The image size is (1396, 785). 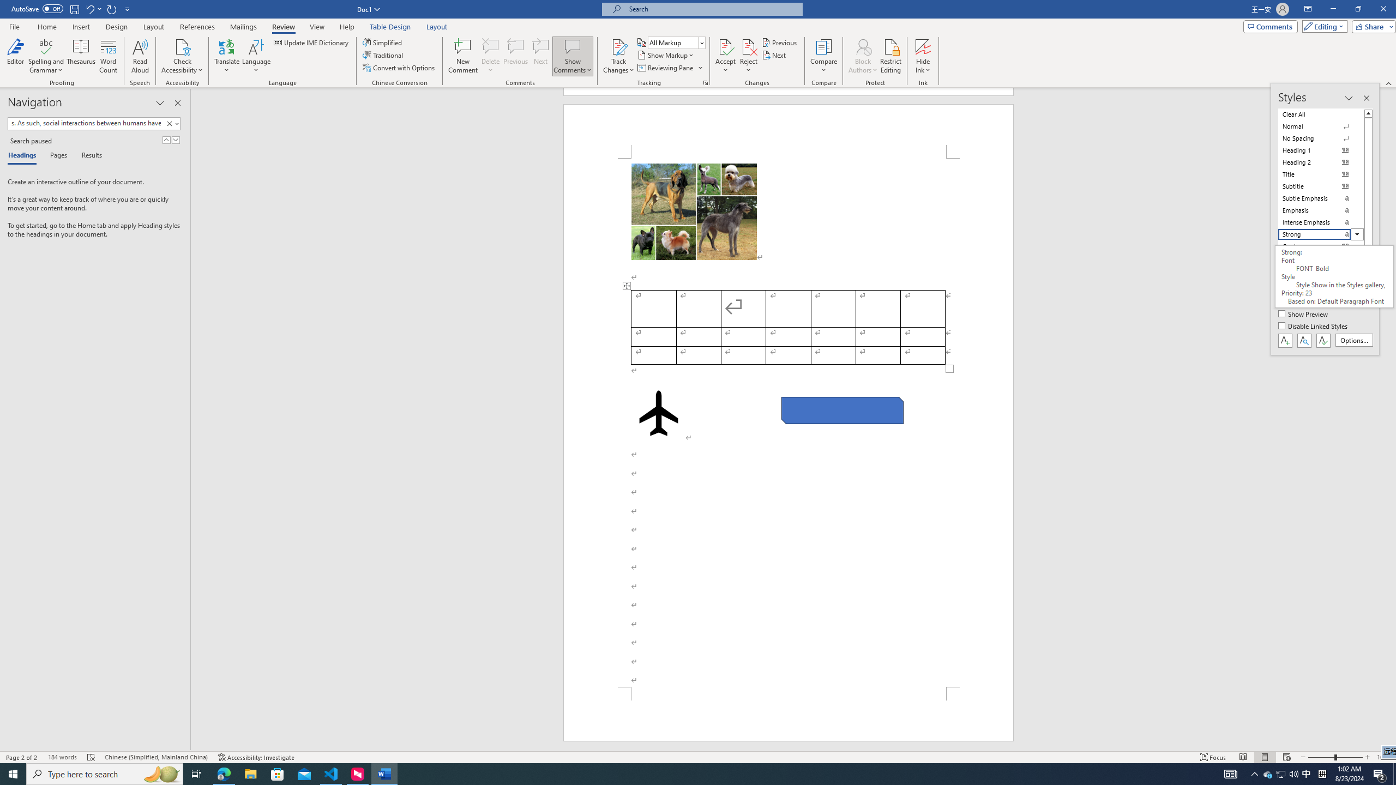 What do you see at coordinates (384, 54) in the screenshot?
I see `'Traditional'` at bounding box center [384, 54].